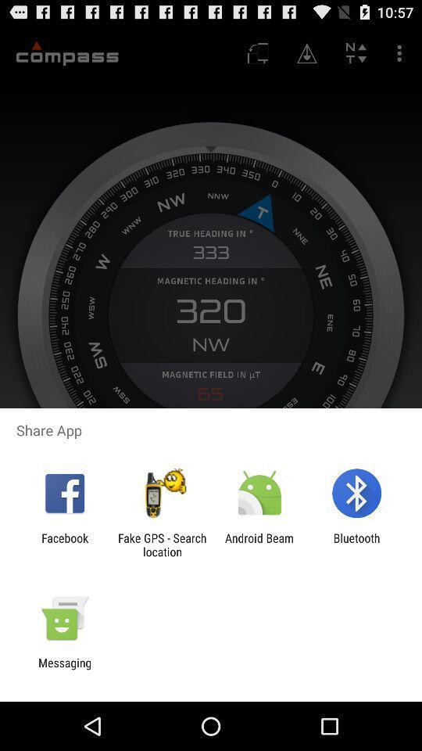  I want to click on app to the right of fake gps search icon, so click(259, 544).